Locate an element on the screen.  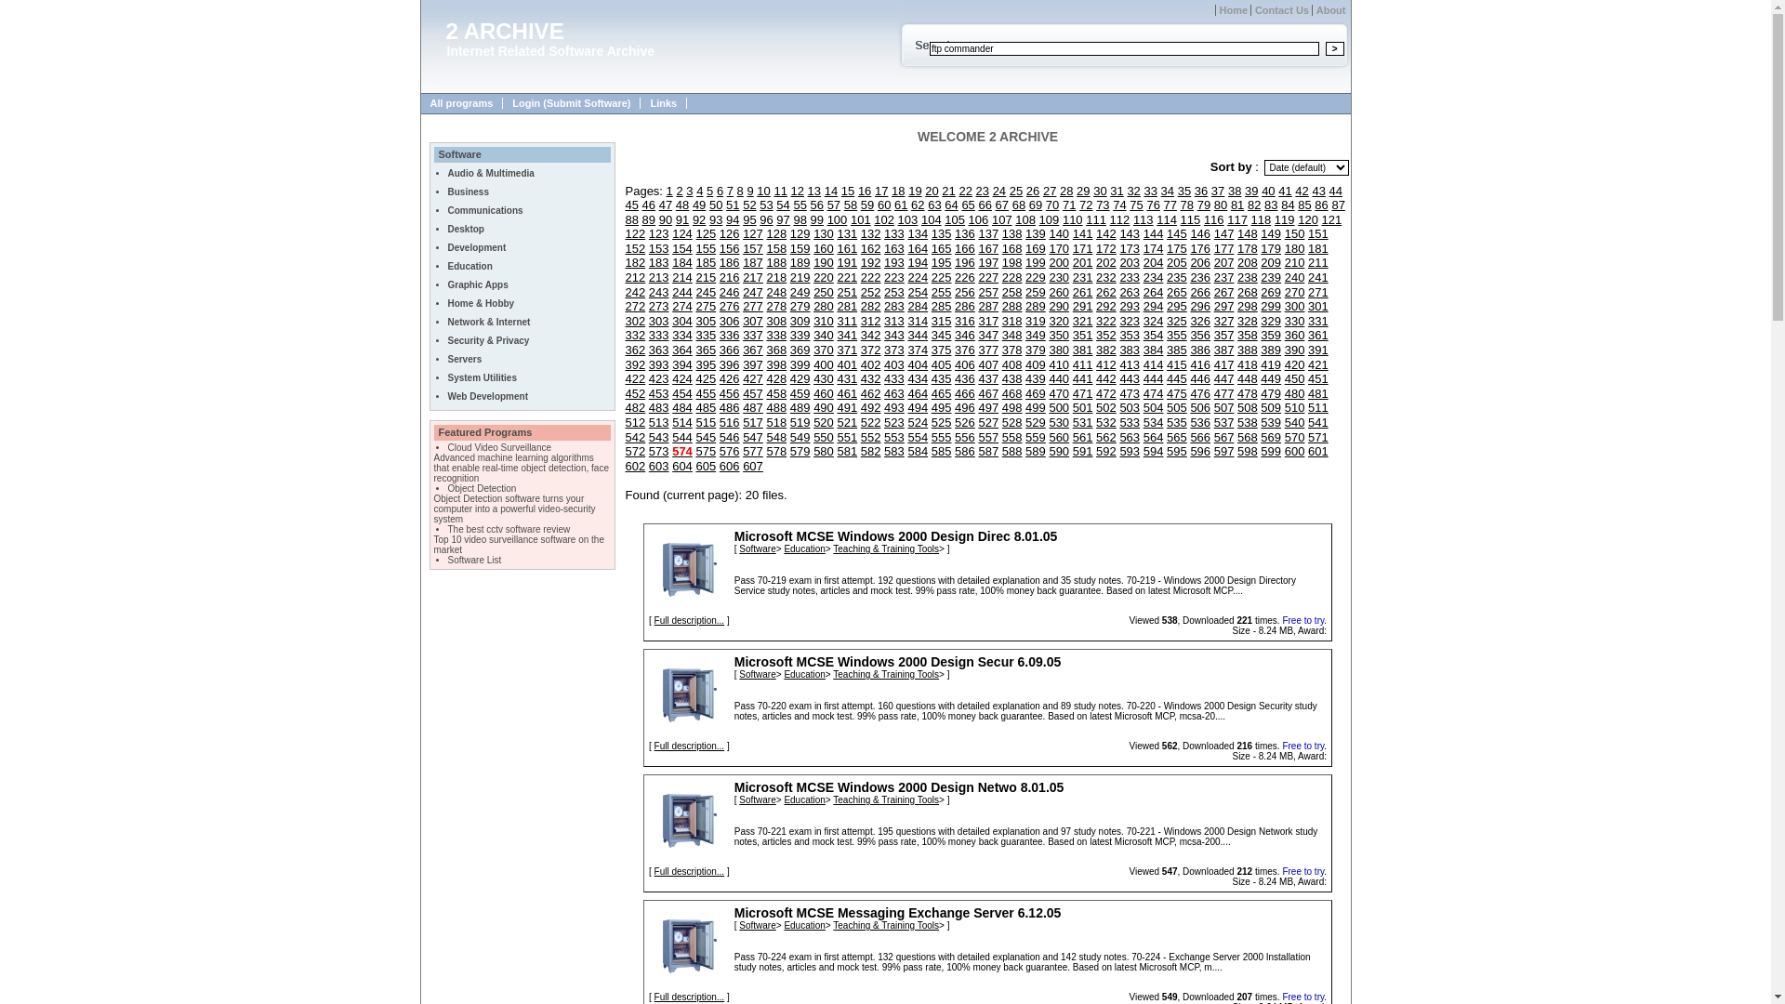
'299' is located at coordinates (1270, 305).